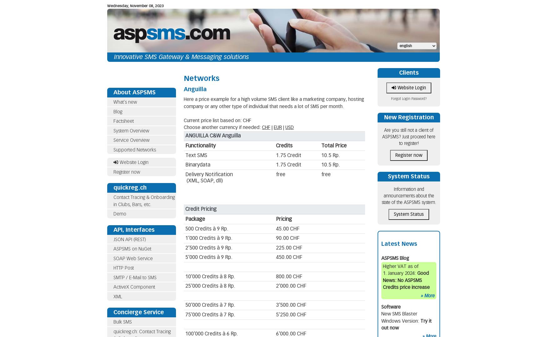 The width and height of the screenshot is (547, 337). What do you see at coordinates (290, 286) in the screenshot?
I see `'2’000.00 CHF'` at bounding box center [290, 286].